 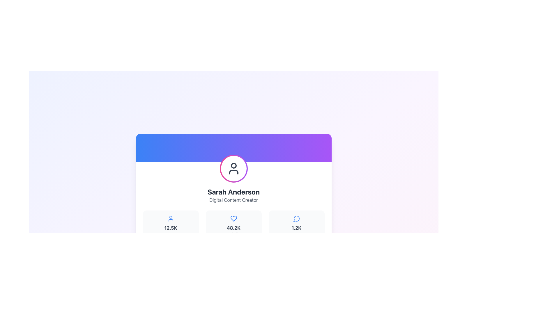 What do you see at coordinates (296, 226) in the screenshot?
I see `the Informational display component that shows '1.2K' Posts with a blue speech bubble icon, located in the rightmost position of the grid row in the user profile card` at bounding box center [296, 226].